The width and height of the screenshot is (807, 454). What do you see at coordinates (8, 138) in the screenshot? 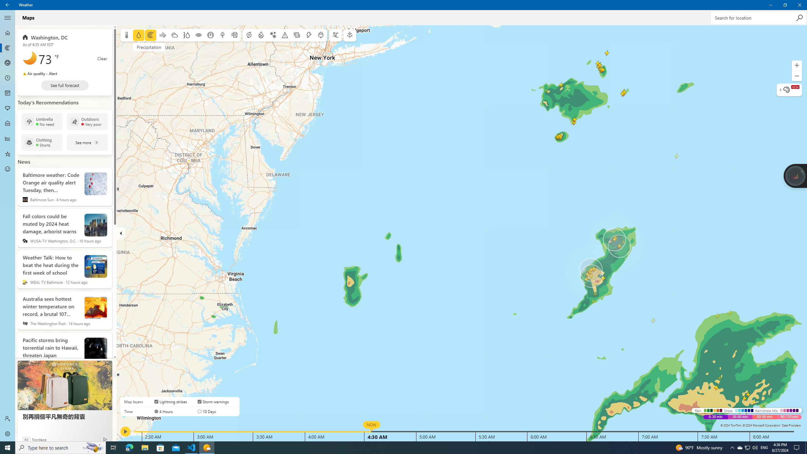
I see `'Historical Weather - Not Selected'` at bounding box center [8, 138].